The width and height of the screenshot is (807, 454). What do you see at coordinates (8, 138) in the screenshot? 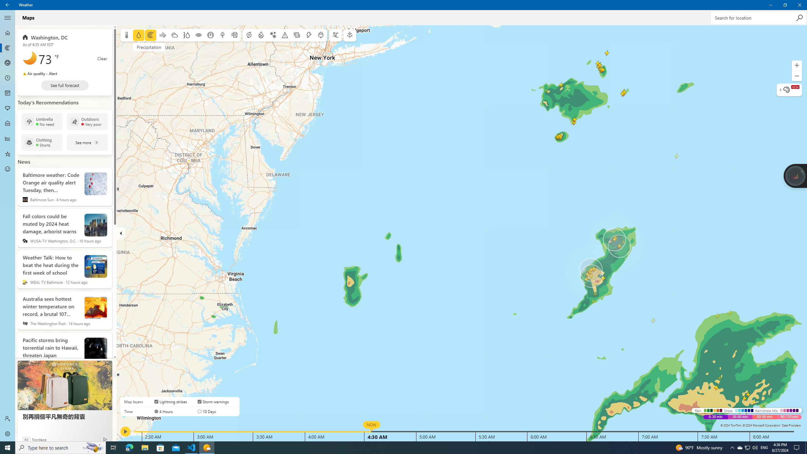
I see `'Historical Weather - Not Selected'` at bounding box center [8, 138].